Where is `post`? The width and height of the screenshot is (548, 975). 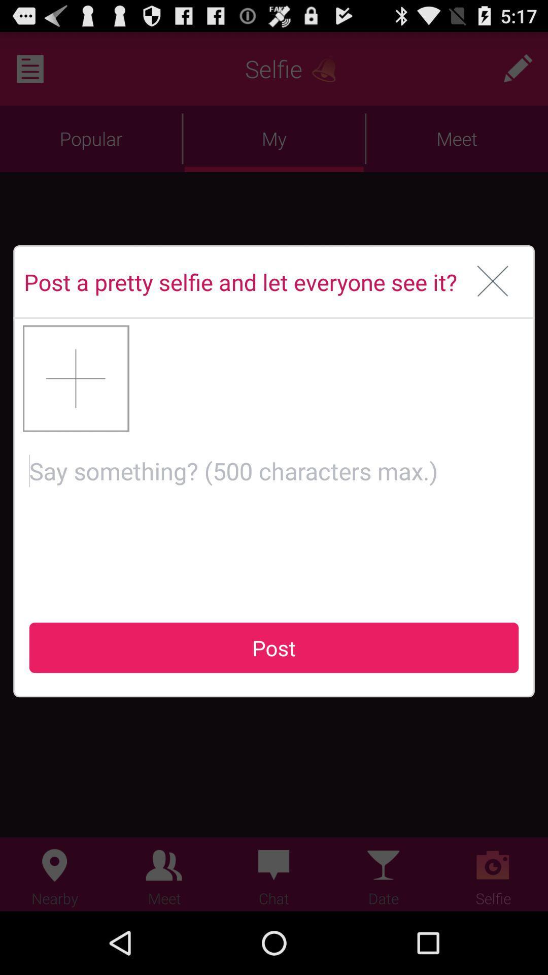
post is located at coordinates (274, 518).